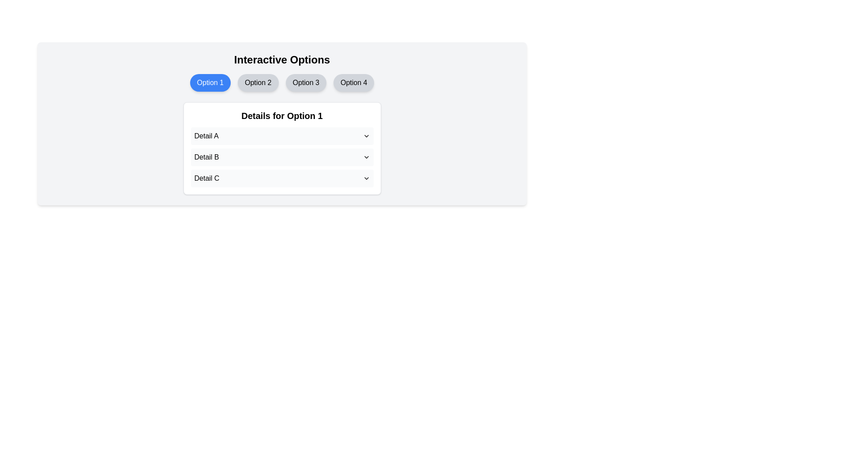 This screenshot has height=476, width=847. What do you see at coordinates (258, 83) in the screenshot?
I see `the pill-shaped button labeled 'Option 2'` at bounding box center [258, 83].